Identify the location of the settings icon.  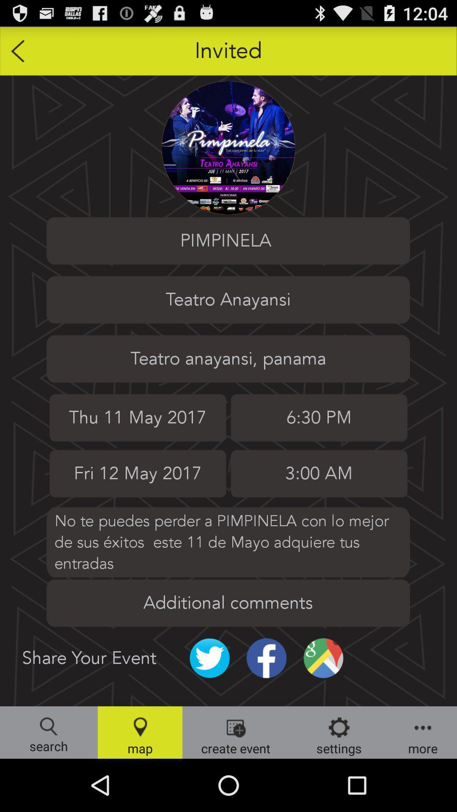
(339, 732).